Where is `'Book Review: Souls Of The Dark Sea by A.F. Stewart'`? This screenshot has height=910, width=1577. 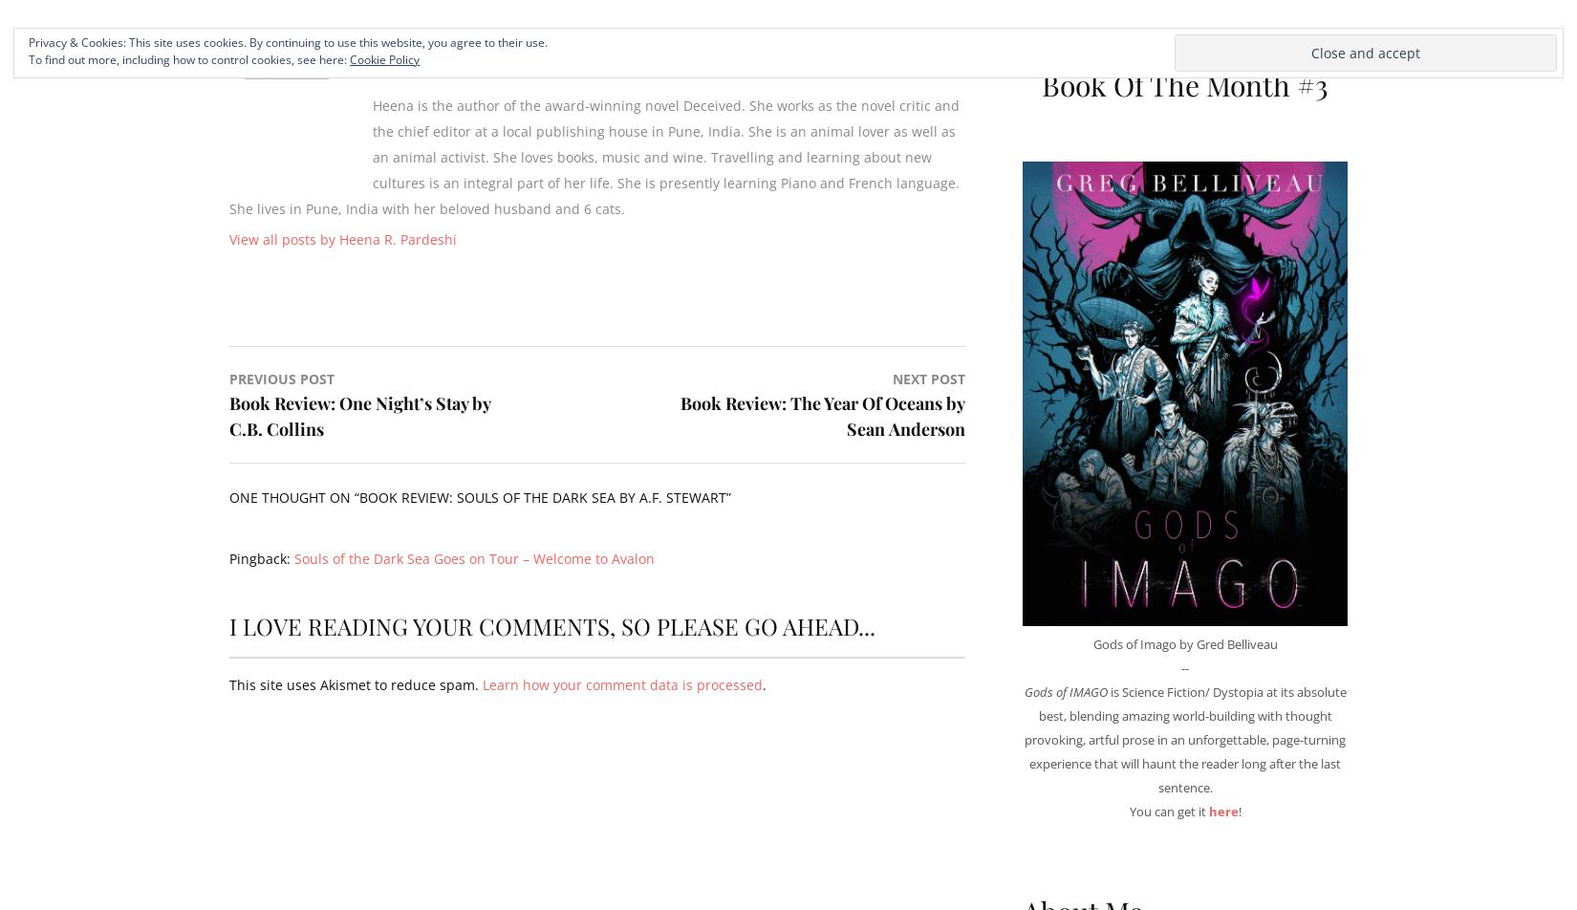
'Book Review: Souls Of The Dark Sea by A.F. Stewart' is located at coordinates (541, 496).